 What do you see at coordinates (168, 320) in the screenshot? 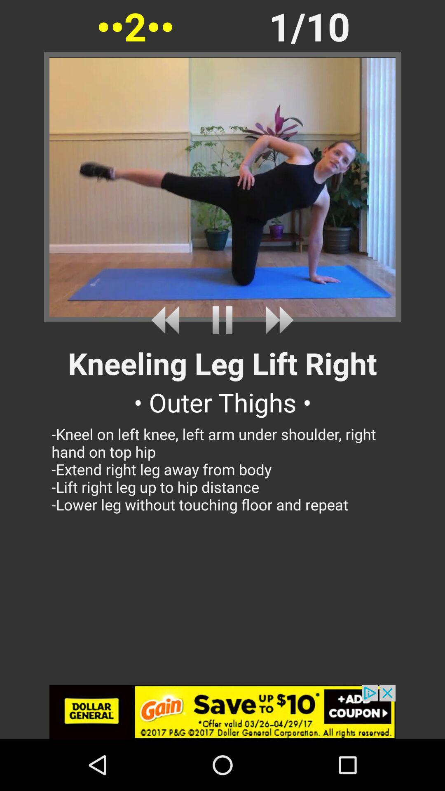
I see `backward` at bounding box center [168, 320].